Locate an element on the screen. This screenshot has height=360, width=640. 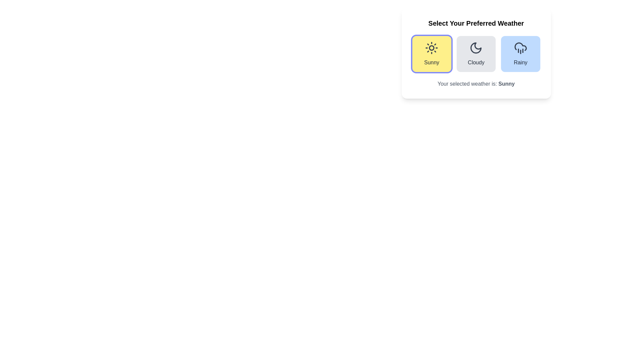
the 'Rainy' button which encompasses the cloud-like icon representing rainy weather is located at coordinates (520, 46).